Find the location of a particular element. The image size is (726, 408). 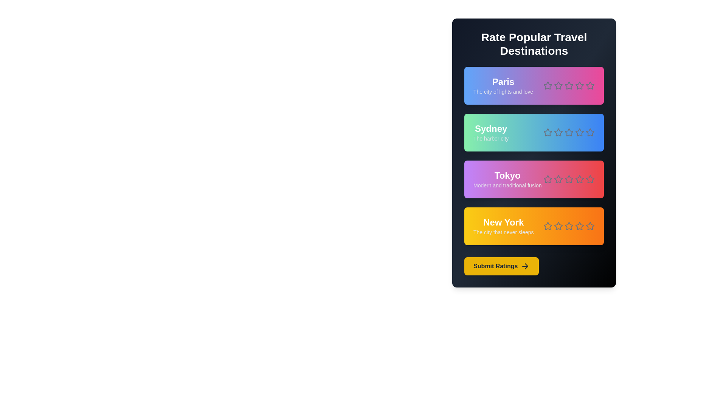

the destination name to view its details is located at coordinates (503, 82).